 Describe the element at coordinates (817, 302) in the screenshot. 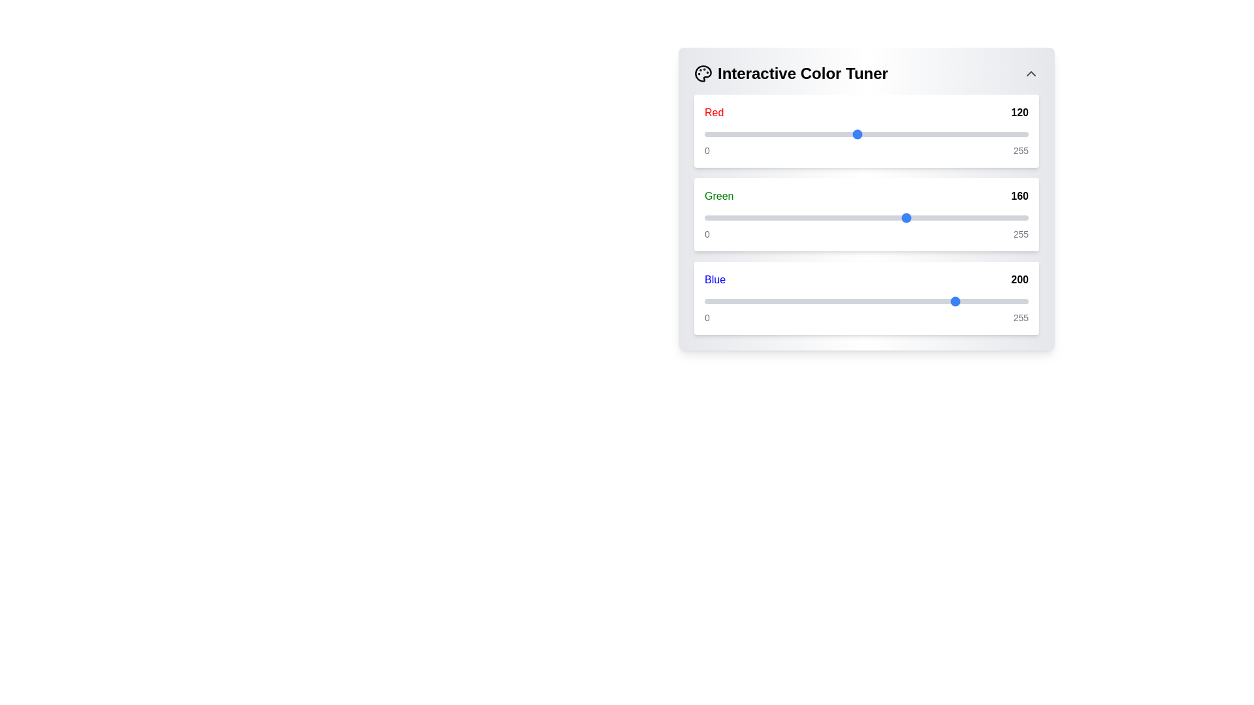

I see `the Blue slider value` at that location.